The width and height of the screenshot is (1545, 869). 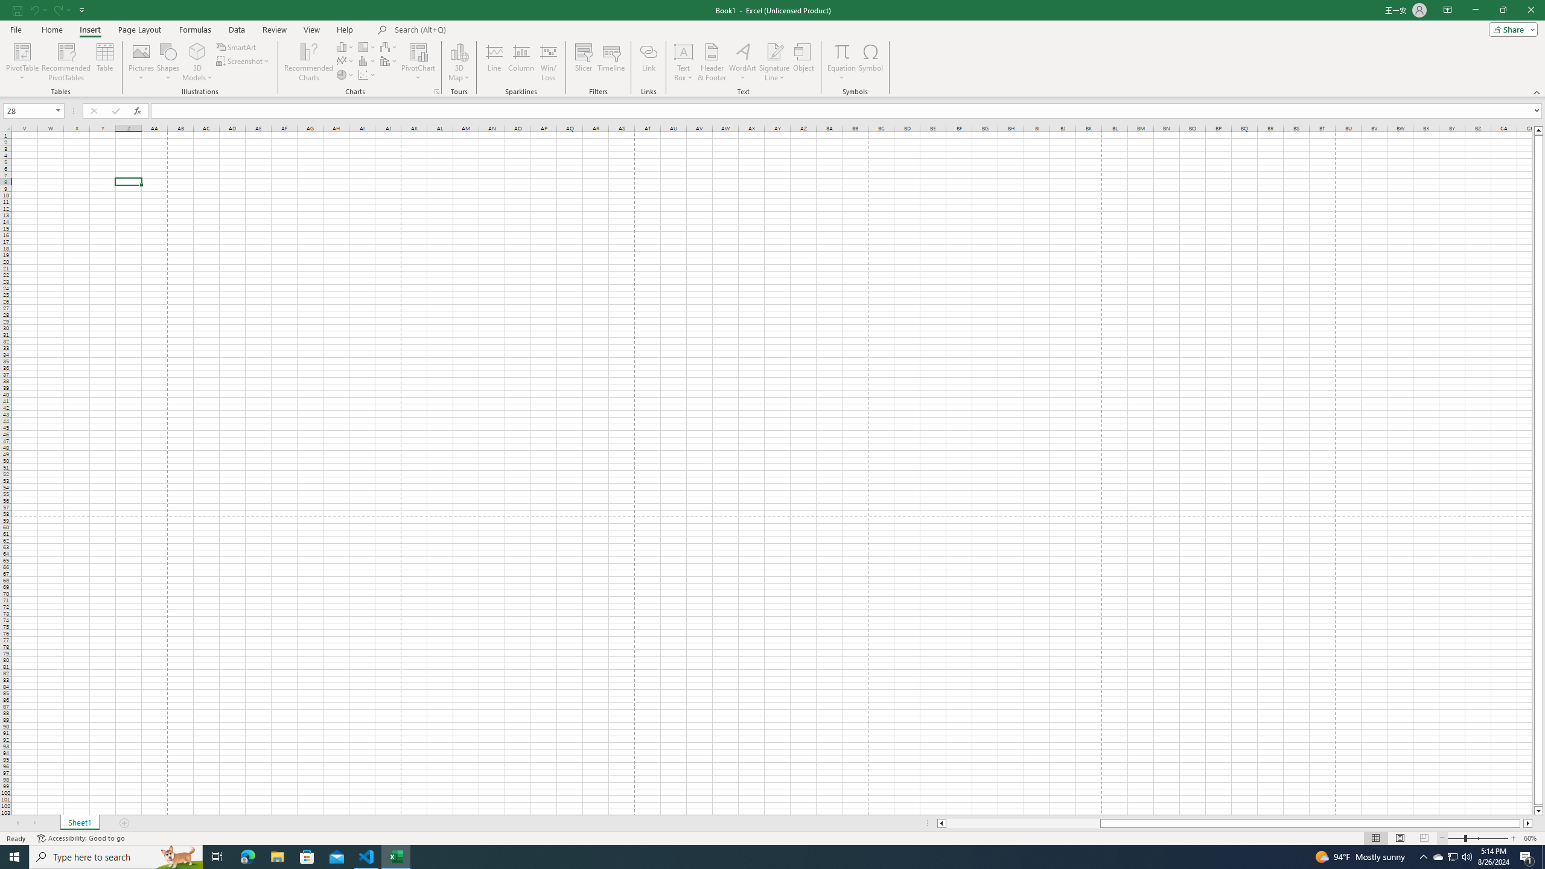 What do you see at coordinates (197, 51) in the screenshot?
I see `'3D Models'` at bounding box center [197, 51].